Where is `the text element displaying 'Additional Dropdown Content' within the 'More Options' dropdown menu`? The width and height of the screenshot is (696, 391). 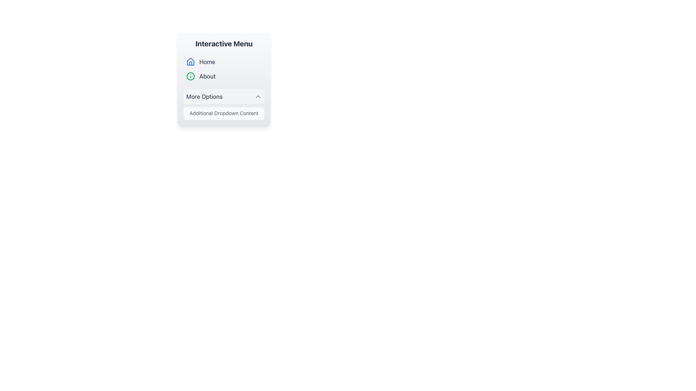
the text element displaying 'Additional Dropdown Content' within the 'More Options' dropdown menu is located at coordinates (224, 113).